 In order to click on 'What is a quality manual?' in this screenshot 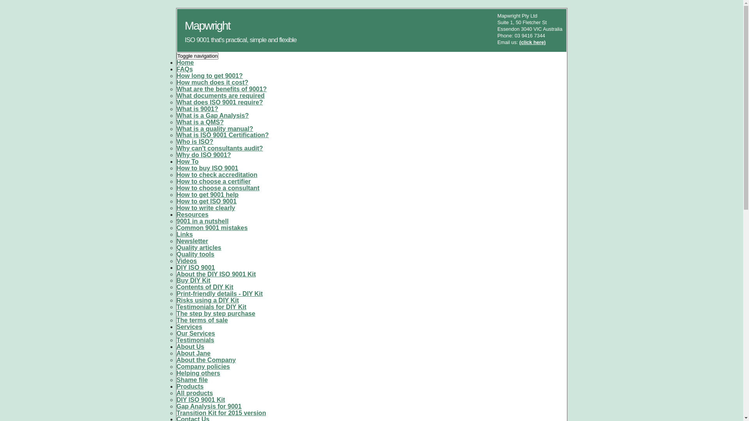, I will do `click(176, 128)`.